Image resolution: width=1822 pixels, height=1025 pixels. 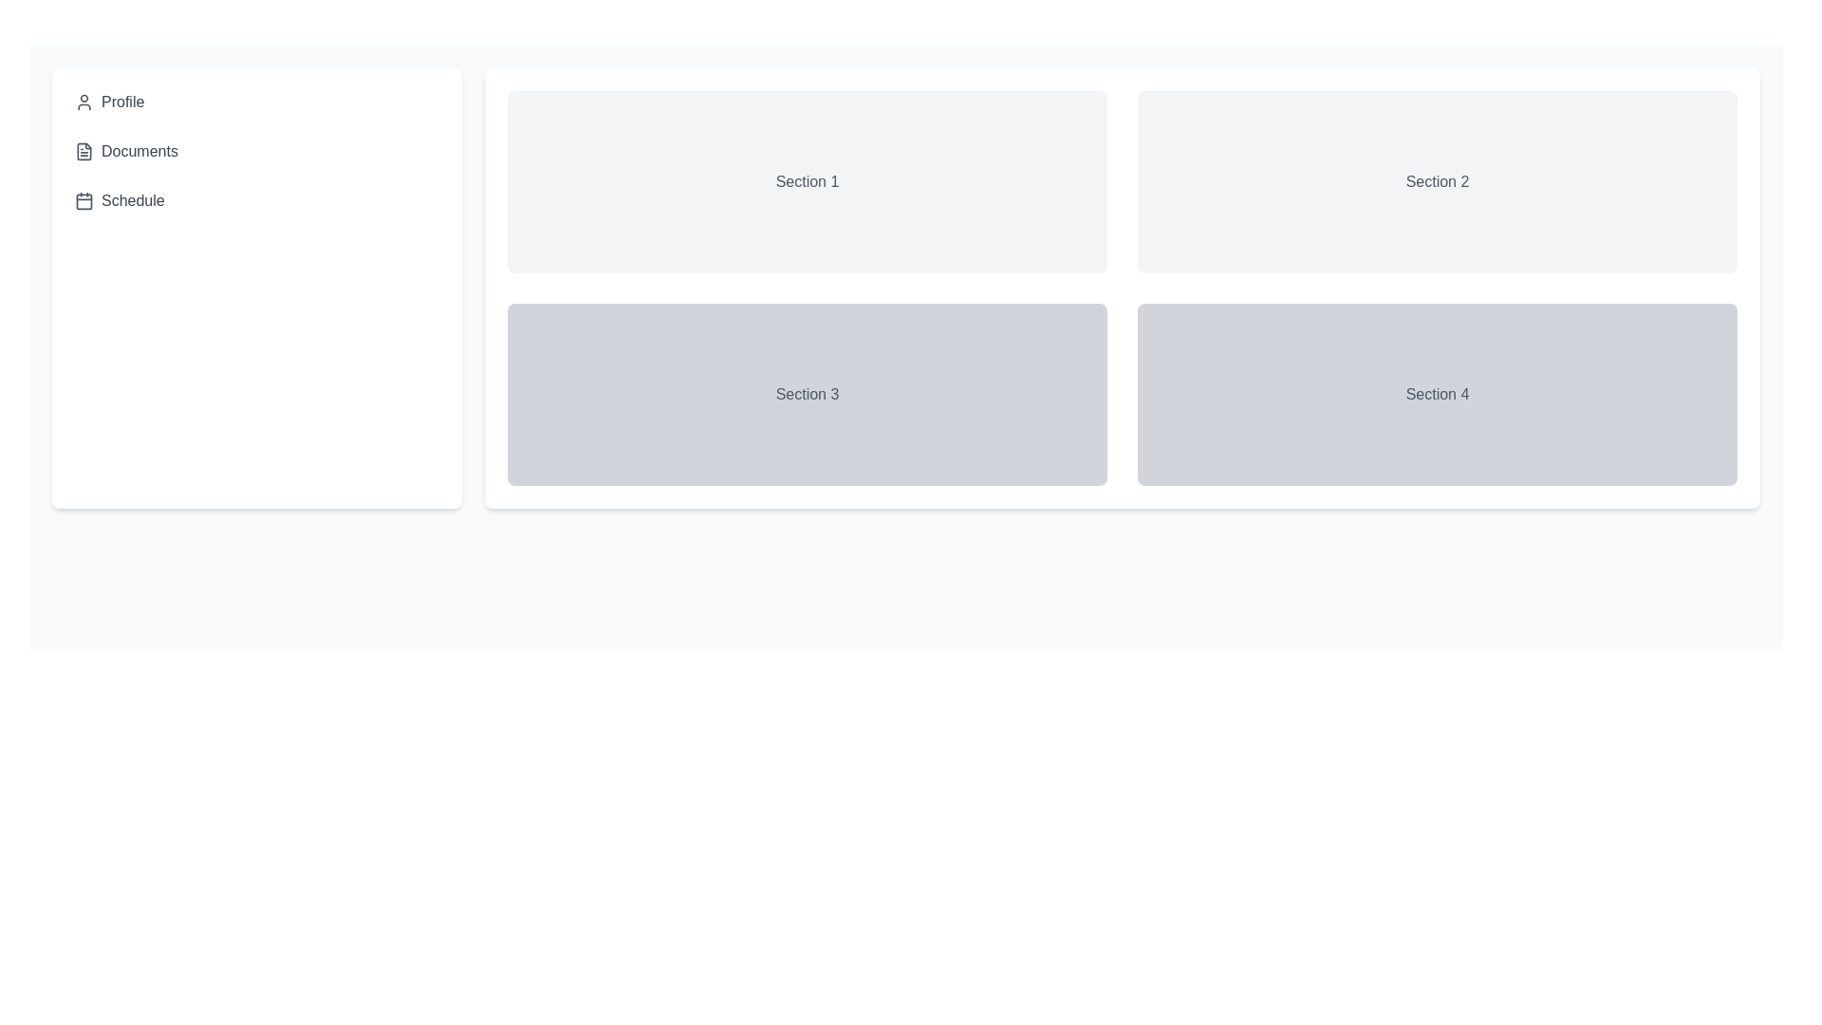 What do you see at coordinates (139, 150) in the screenshot?
I see `the 'Documents' text label` at bounding box center [139, 150].